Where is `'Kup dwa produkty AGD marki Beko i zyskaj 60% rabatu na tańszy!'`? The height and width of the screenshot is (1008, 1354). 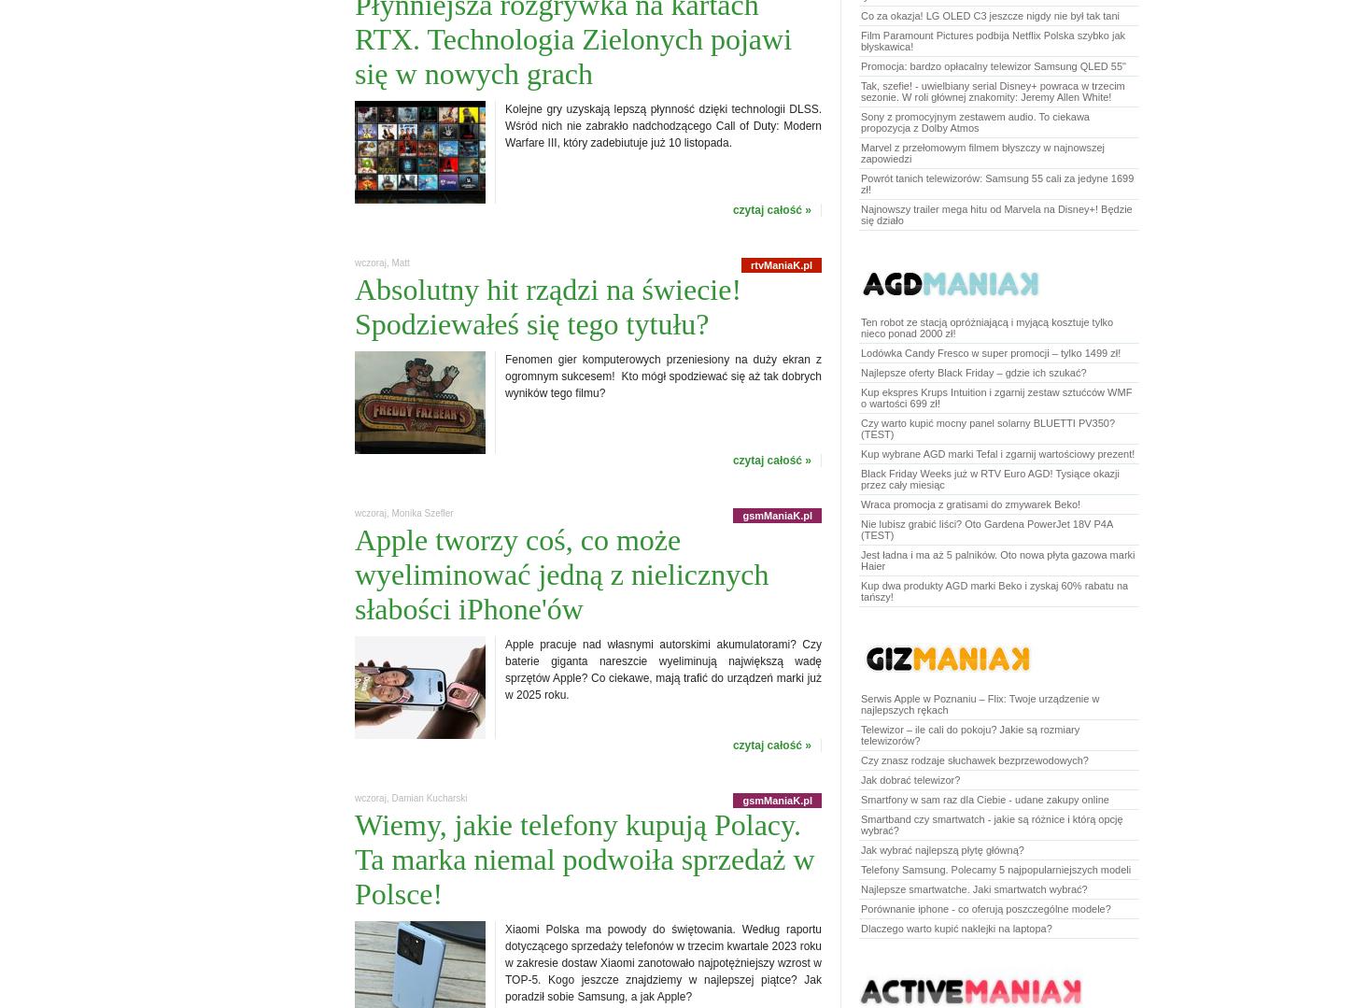
'Kup dwa produkty AGD marki Beko i zyskaj 60% rabatu na tańszy!' is located at coordinates (860, 590).